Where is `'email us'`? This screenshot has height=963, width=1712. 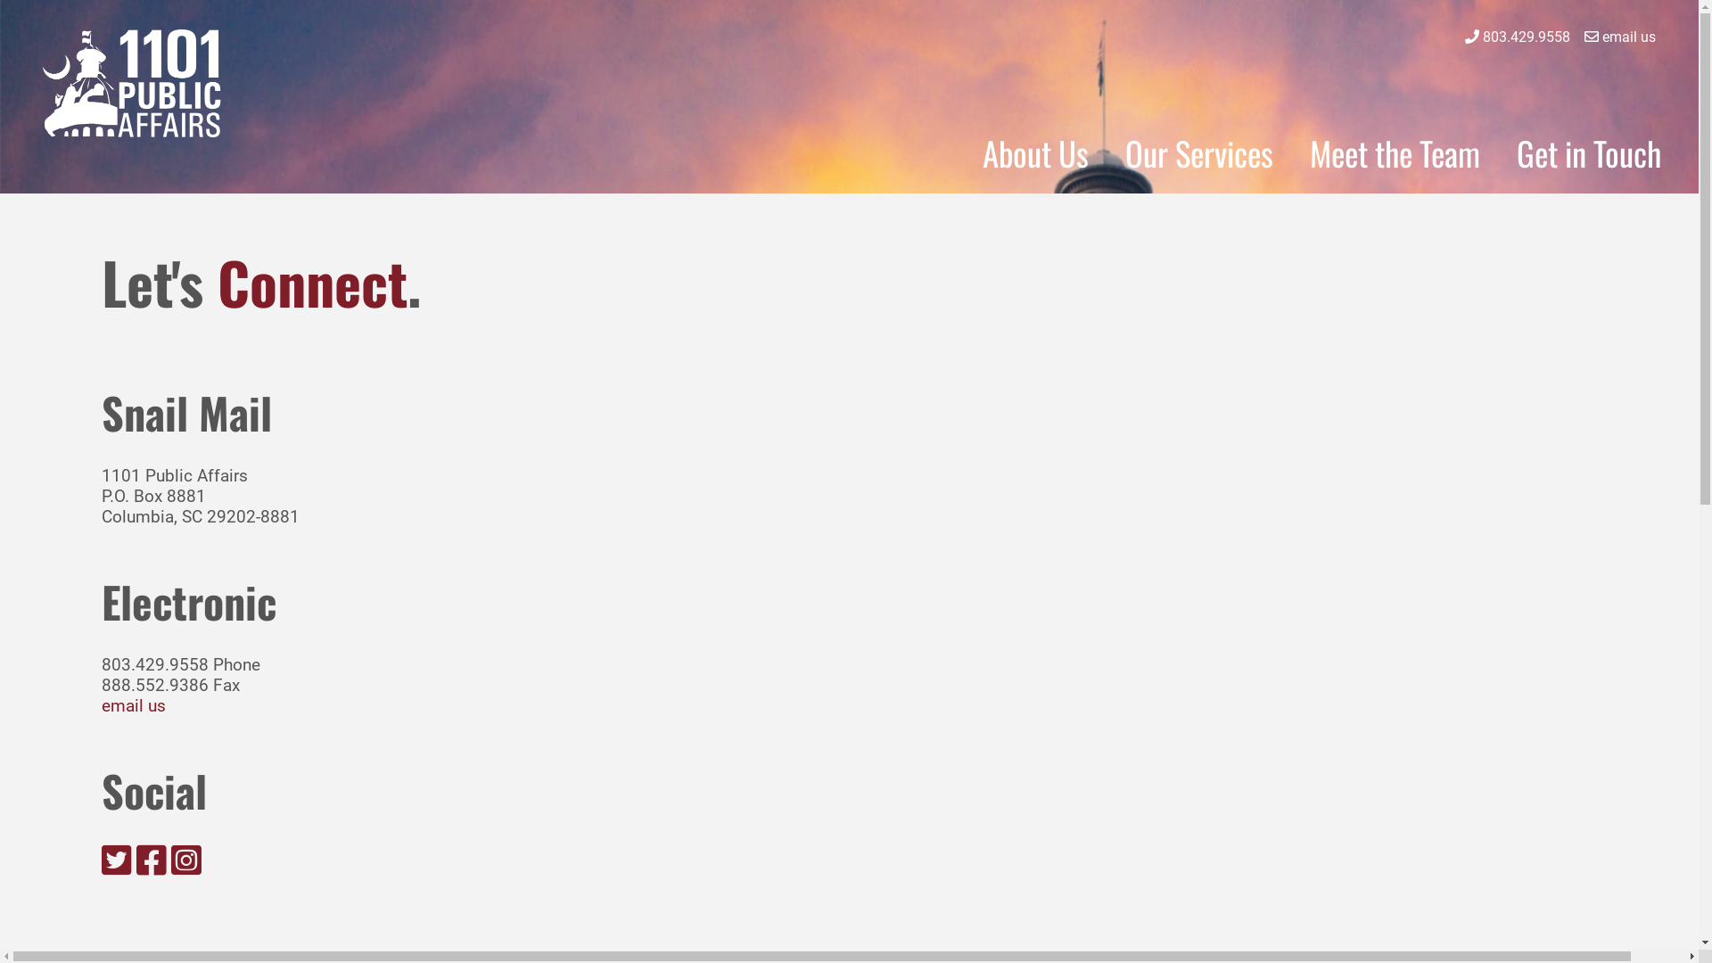
'email us' is located at coordinates (101, 704).